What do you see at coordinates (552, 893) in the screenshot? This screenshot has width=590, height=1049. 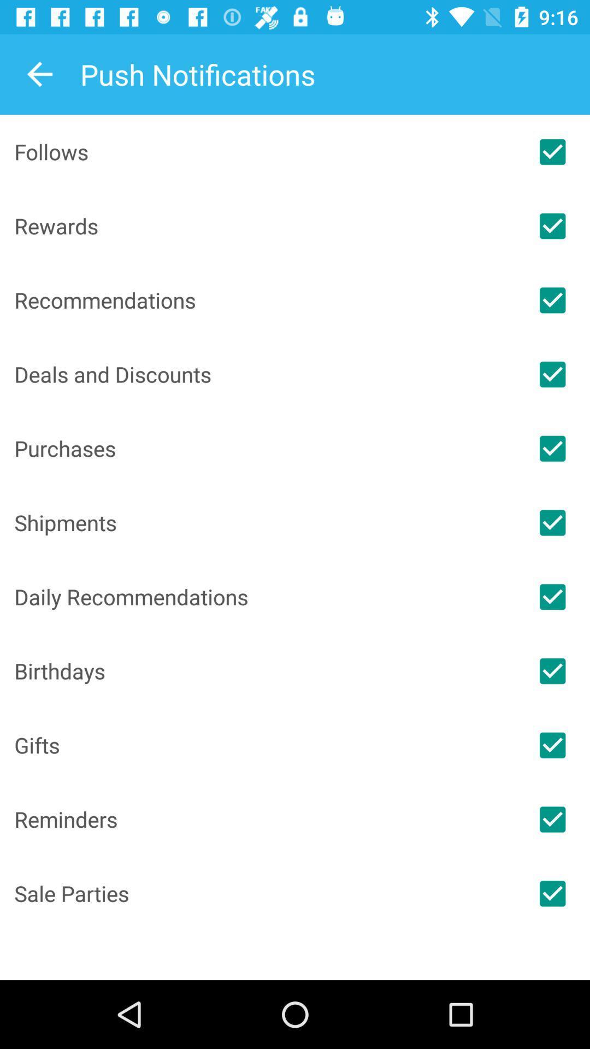 I see `enable sale parties option` at bounding box center [552, 893].